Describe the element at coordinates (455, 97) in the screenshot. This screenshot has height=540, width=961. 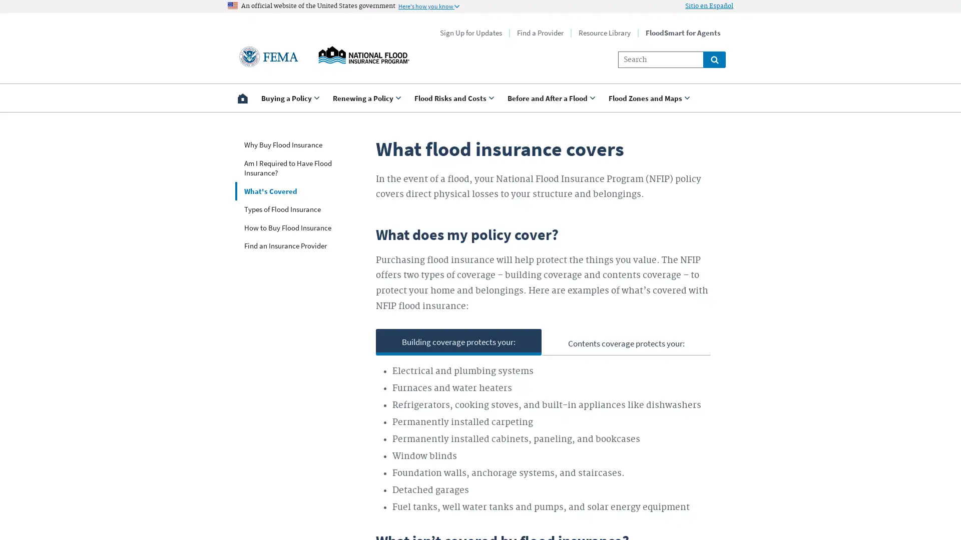
I see `Use <enter> and shift + <enter> to open and close the drop down to sub-menus` at that location.